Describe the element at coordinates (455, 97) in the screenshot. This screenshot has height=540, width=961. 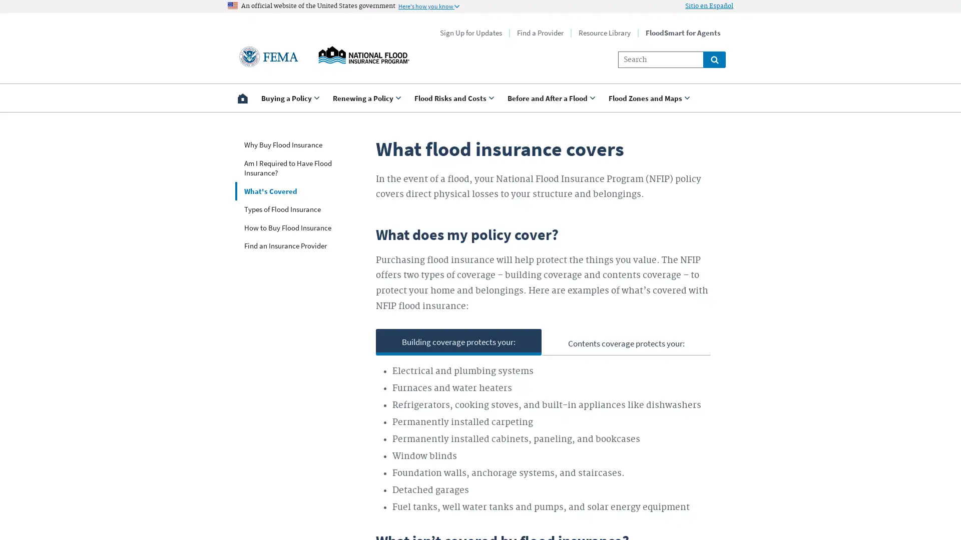
I see `Use <enter> and shift + <enter> to open and close the drop down to sub-menus` at that location.